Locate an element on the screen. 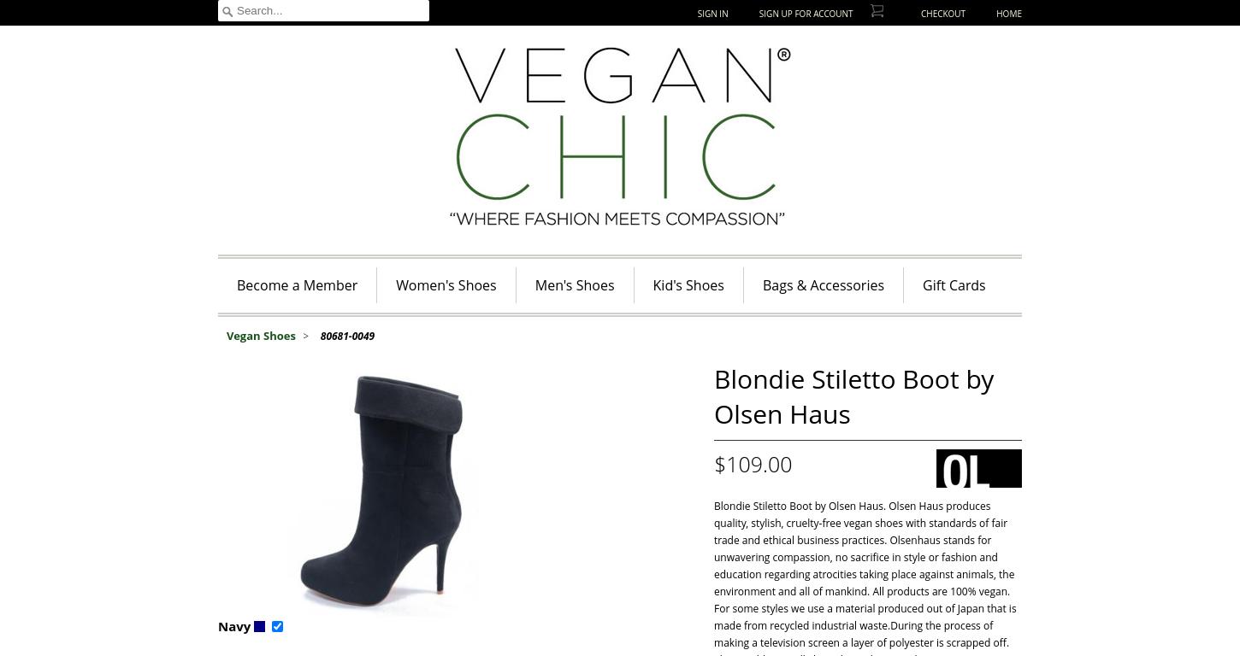 The height and width of the screenshot is (656, 1240). 'Navy' is located at coordinates (218, 624).